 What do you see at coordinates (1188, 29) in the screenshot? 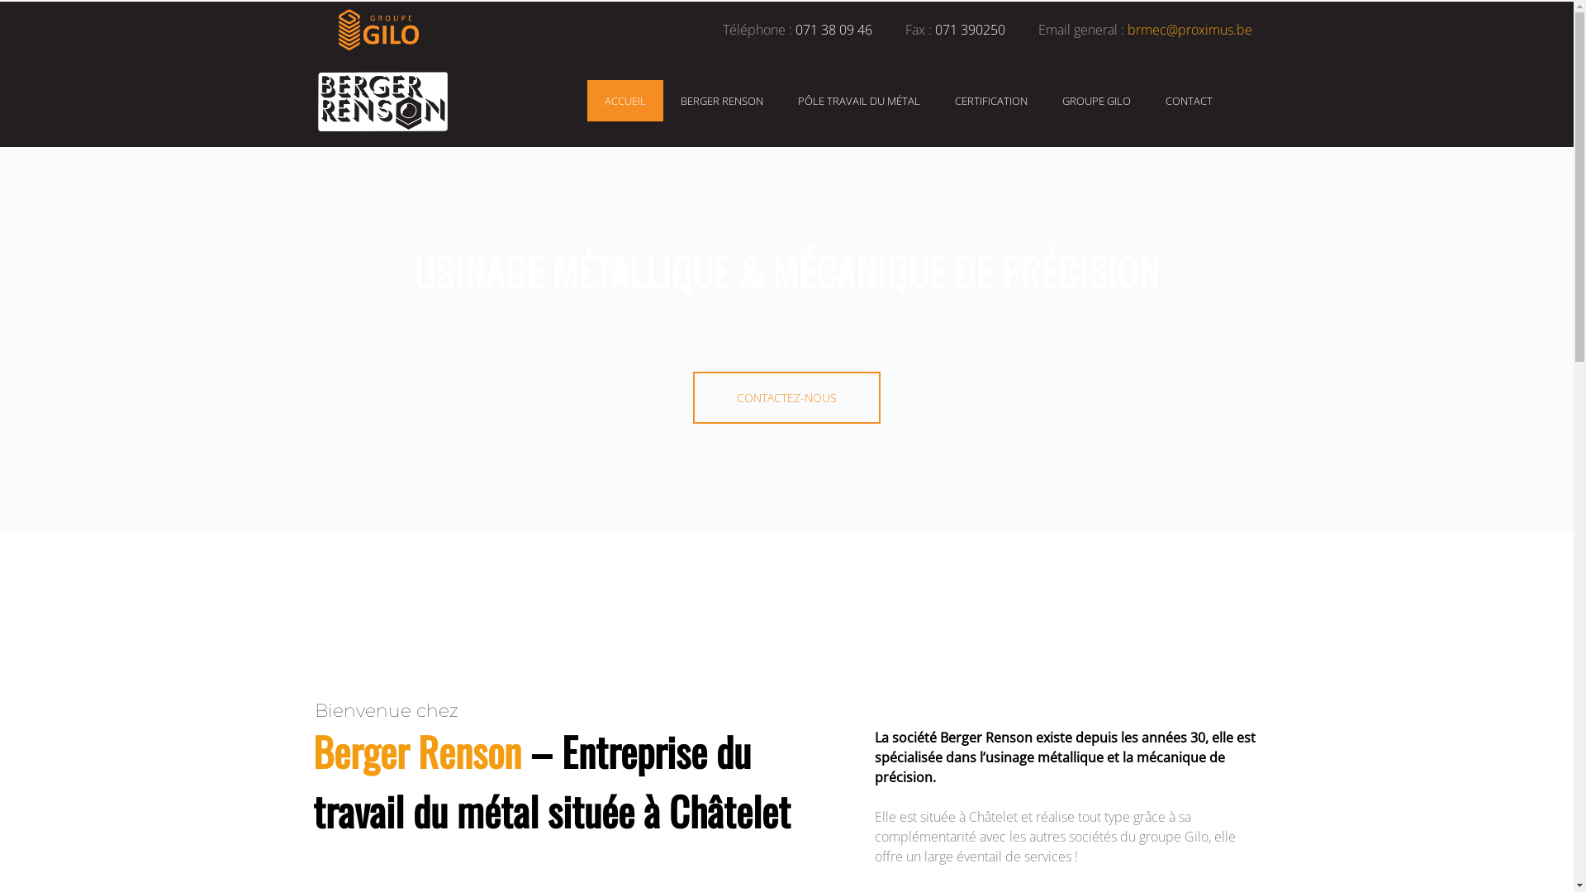
I see `'brmec@proximus.be'` at bounding box center [1188, 29].